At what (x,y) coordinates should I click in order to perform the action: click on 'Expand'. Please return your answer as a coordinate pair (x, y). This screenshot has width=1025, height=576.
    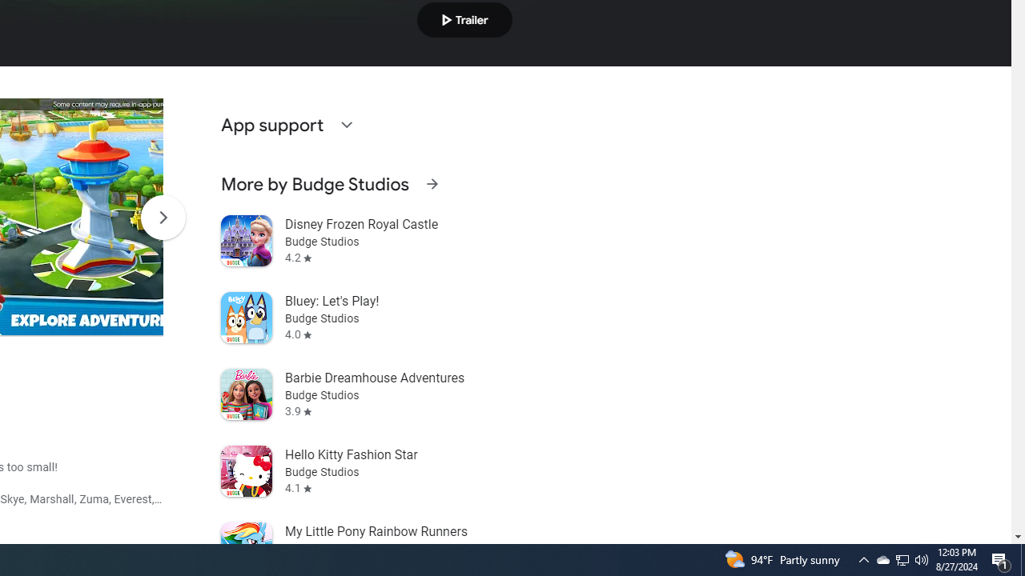
    Looking at the image, I should click on (345, 123).